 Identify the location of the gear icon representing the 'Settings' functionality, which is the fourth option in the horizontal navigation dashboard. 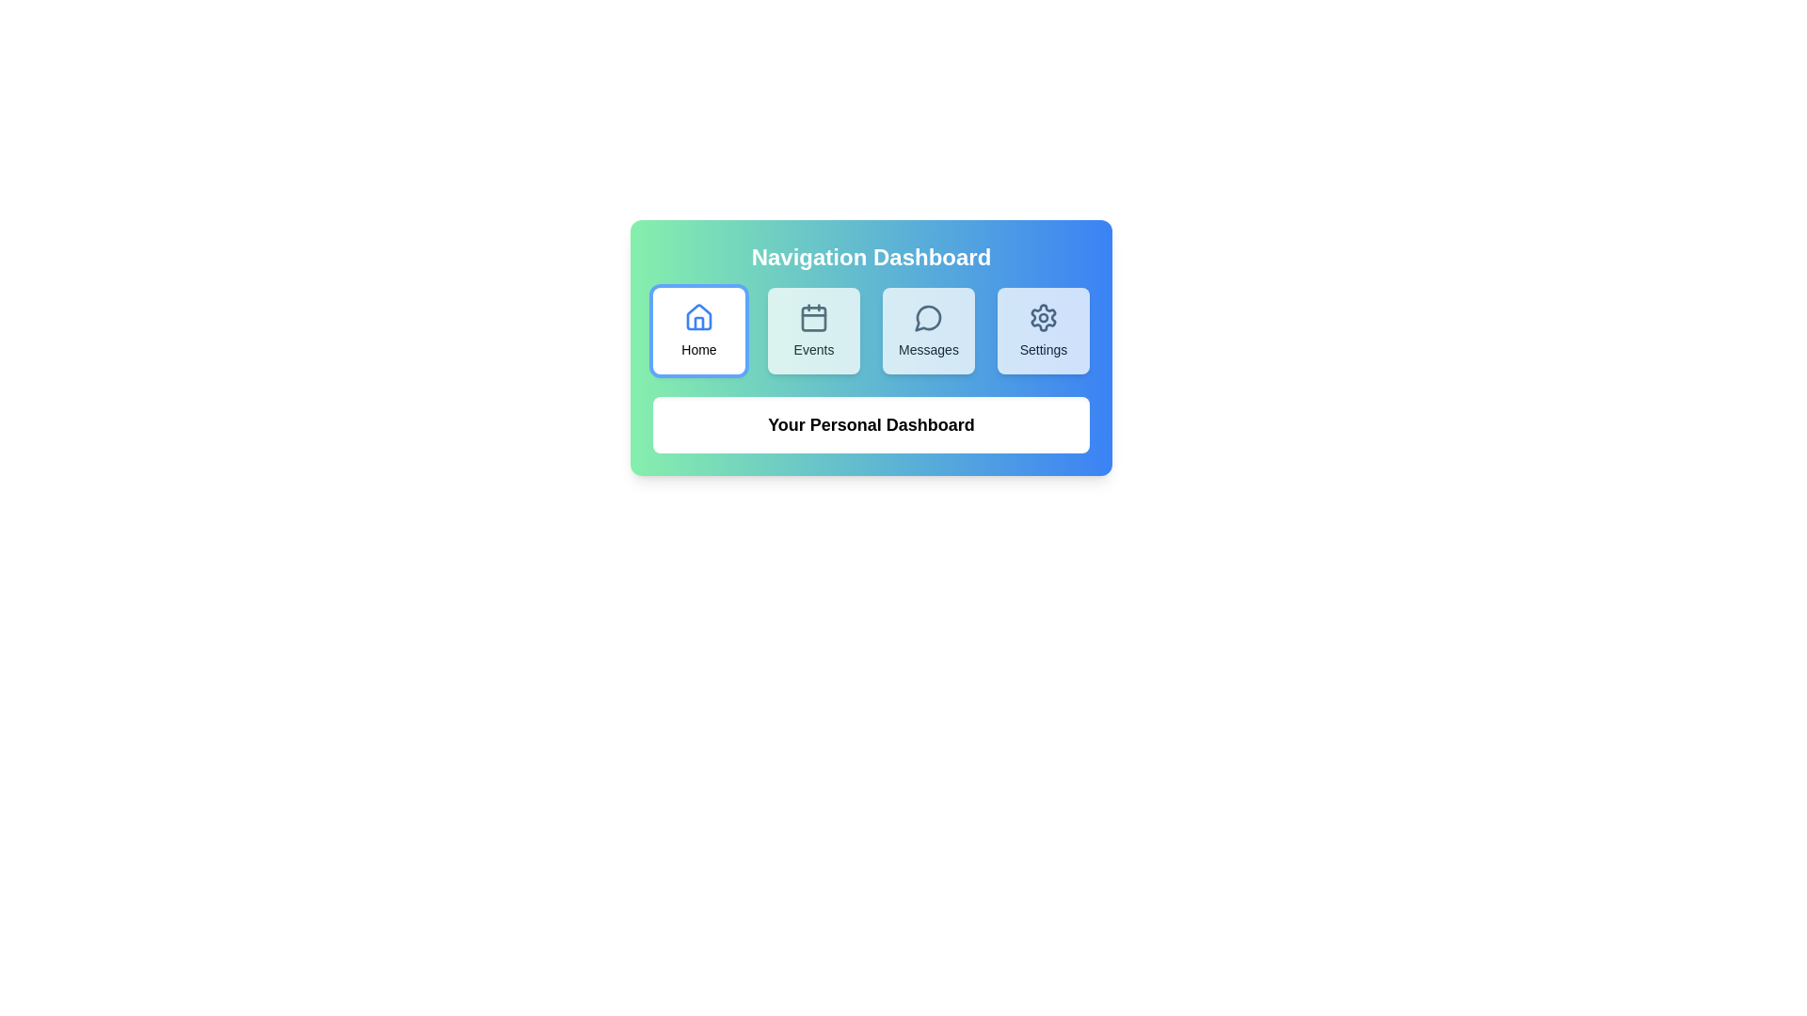
(1042, 317).